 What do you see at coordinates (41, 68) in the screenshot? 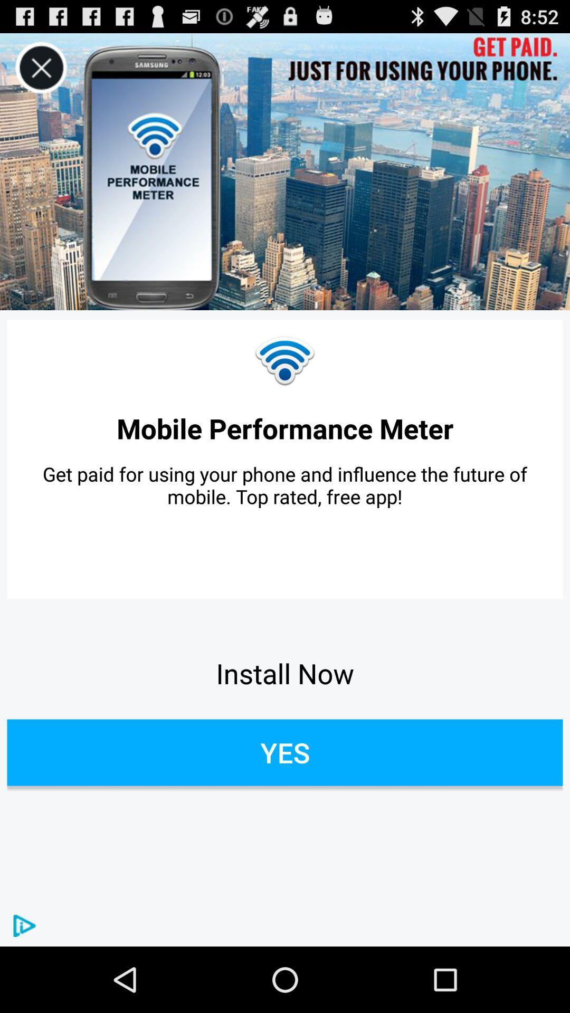
I see `advertisement` at bounding box center [41, 68].